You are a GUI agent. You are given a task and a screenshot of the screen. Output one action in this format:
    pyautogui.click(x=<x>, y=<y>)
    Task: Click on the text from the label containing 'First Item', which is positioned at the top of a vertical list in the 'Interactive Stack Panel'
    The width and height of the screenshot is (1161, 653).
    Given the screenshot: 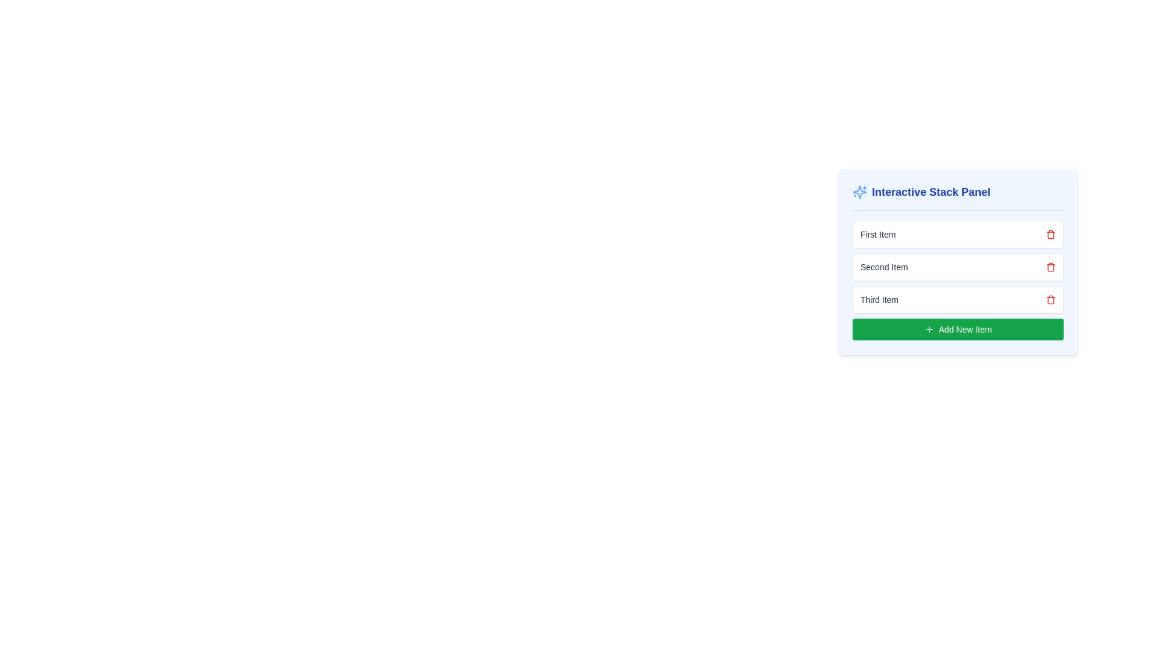 What is the action you would take?
    pyautogui.click(x=878, y=235)
    